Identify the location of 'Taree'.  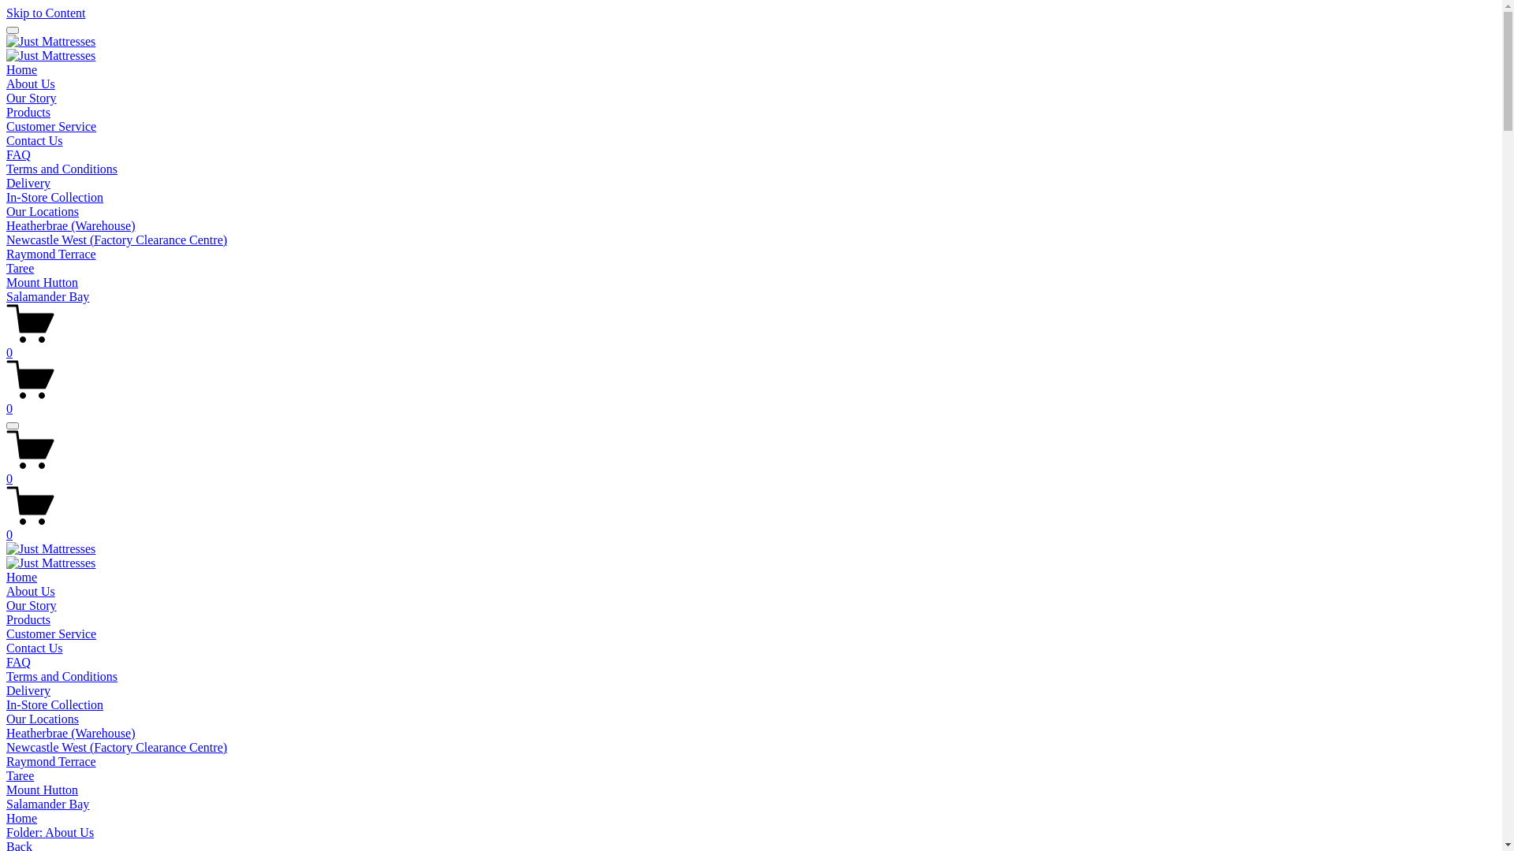
(20, 267).